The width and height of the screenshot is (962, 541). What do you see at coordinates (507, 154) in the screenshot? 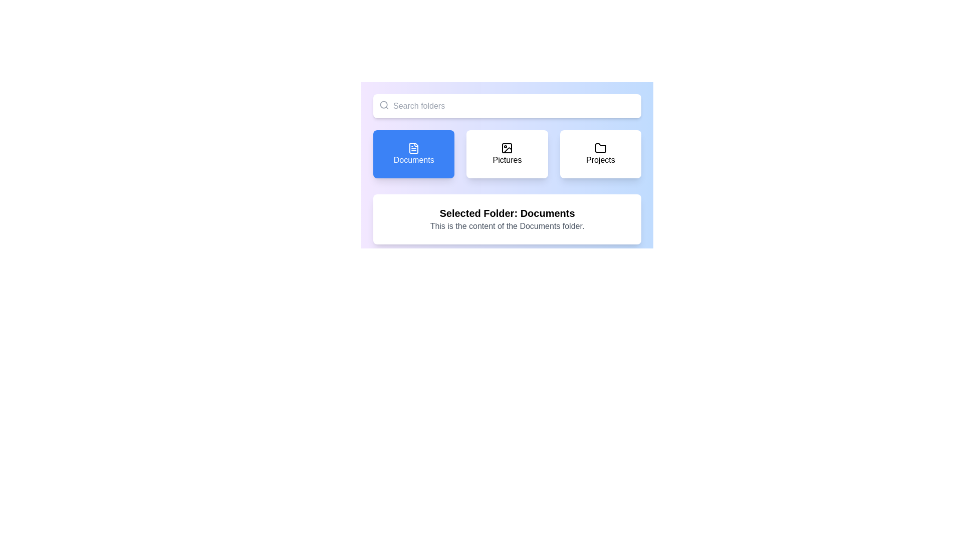
I see `the second tile button that navigates to the 'Pictures' section, located below the 'Search folders' bar` at bounding box center [507, 154].